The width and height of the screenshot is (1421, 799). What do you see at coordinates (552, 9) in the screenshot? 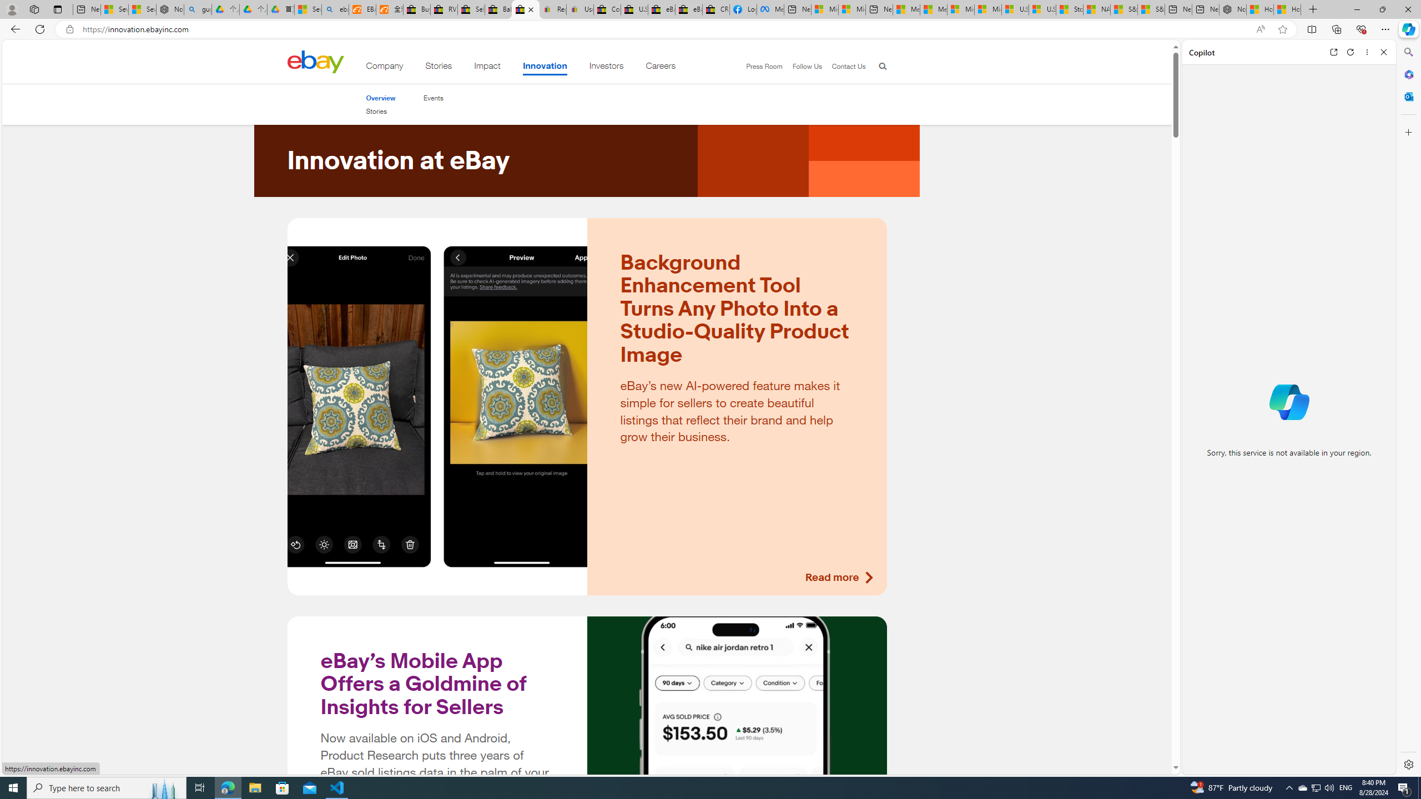
I see `'Register: Create a personal eBay account'` at bounding box center [552, 9].